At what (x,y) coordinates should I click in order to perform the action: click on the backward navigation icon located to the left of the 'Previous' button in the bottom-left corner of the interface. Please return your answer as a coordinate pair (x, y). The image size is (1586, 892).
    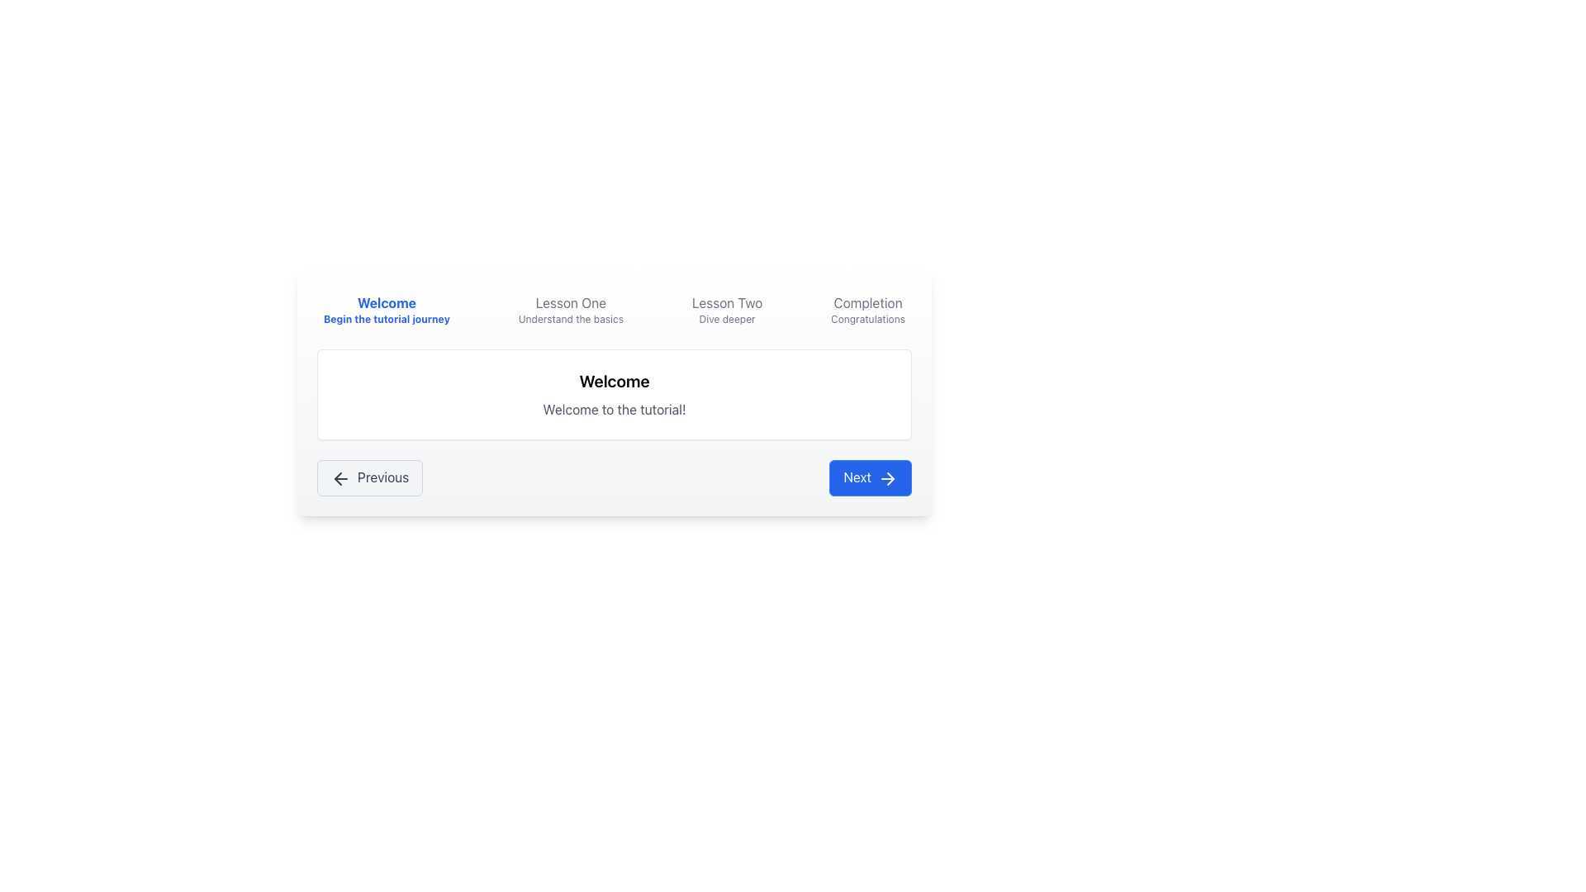
    Looking at the image, I should click on (340, 477).